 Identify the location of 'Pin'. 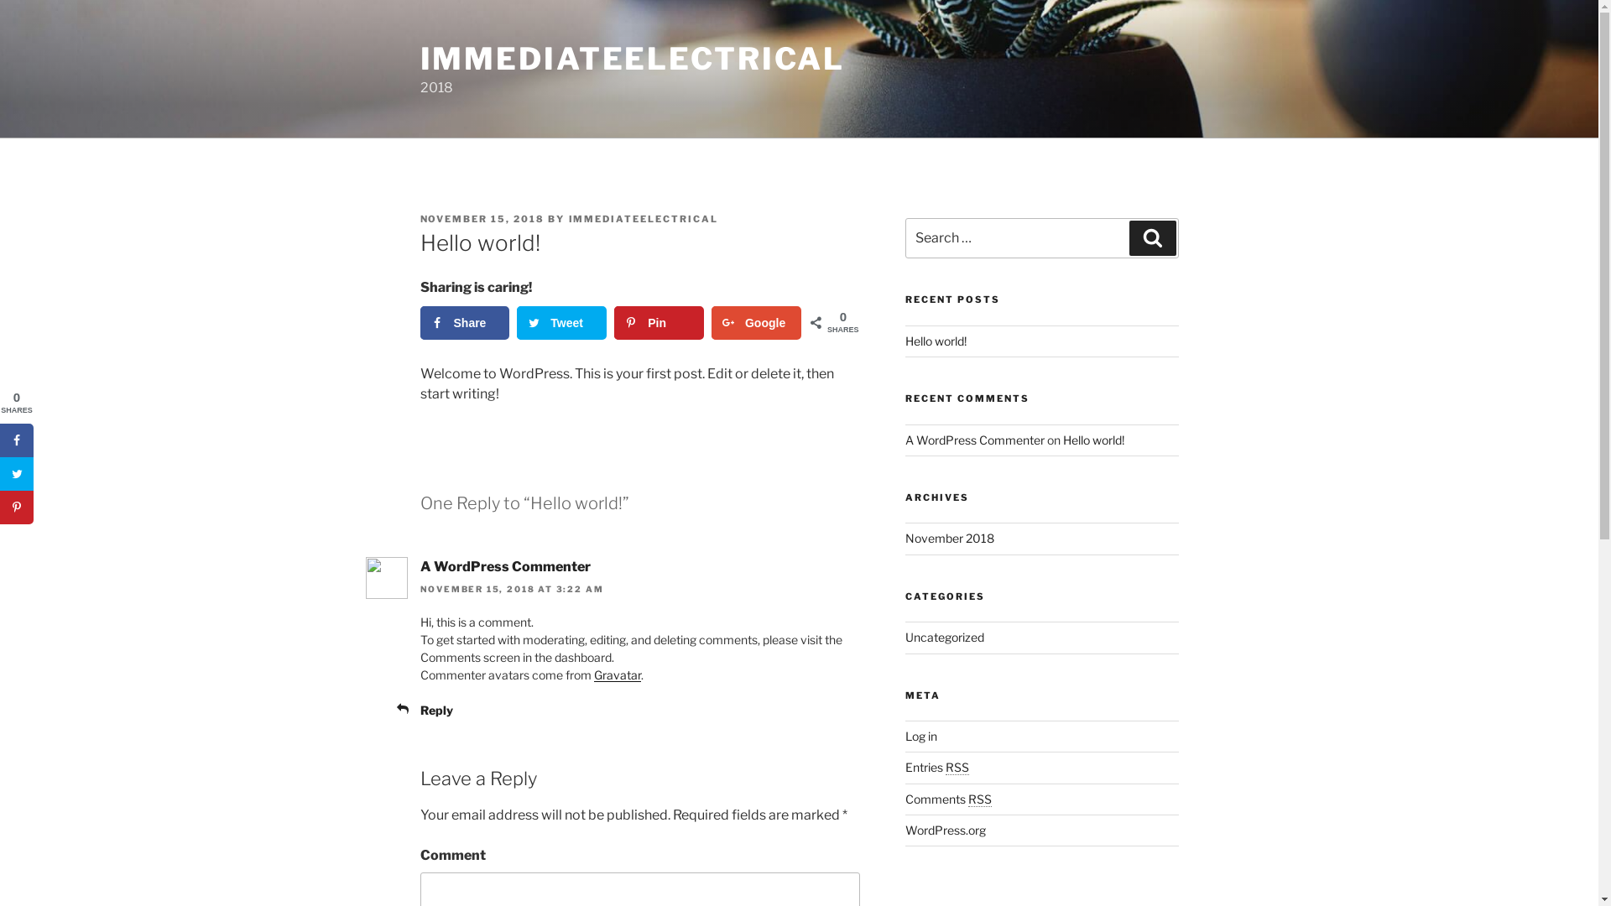
(658, 323).